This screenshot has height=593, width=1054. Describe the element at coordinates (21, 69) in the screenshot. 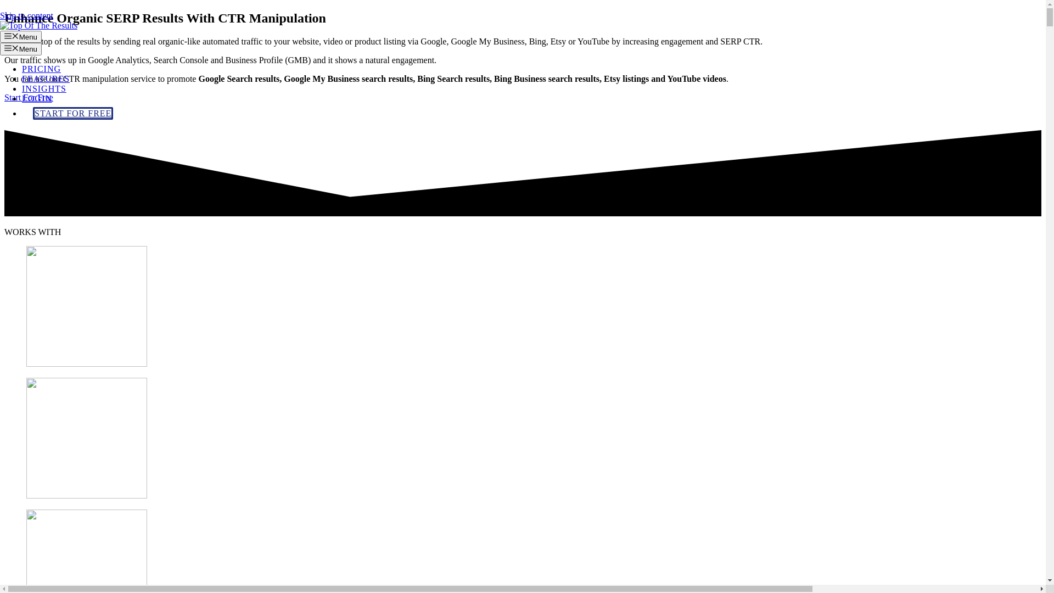

I see `'PRICING'` at that location.